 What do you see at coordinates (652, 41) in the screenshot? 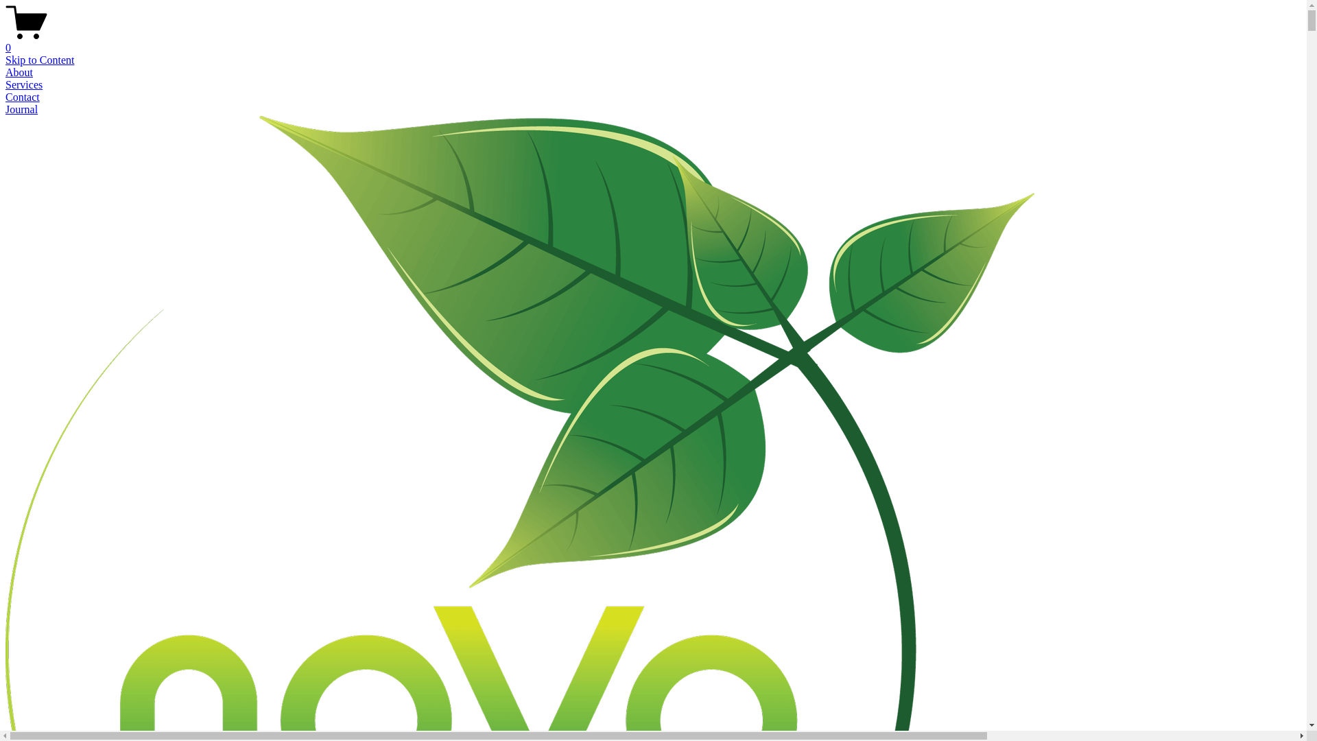
I see `'0'` at bounding box center [652, 41].